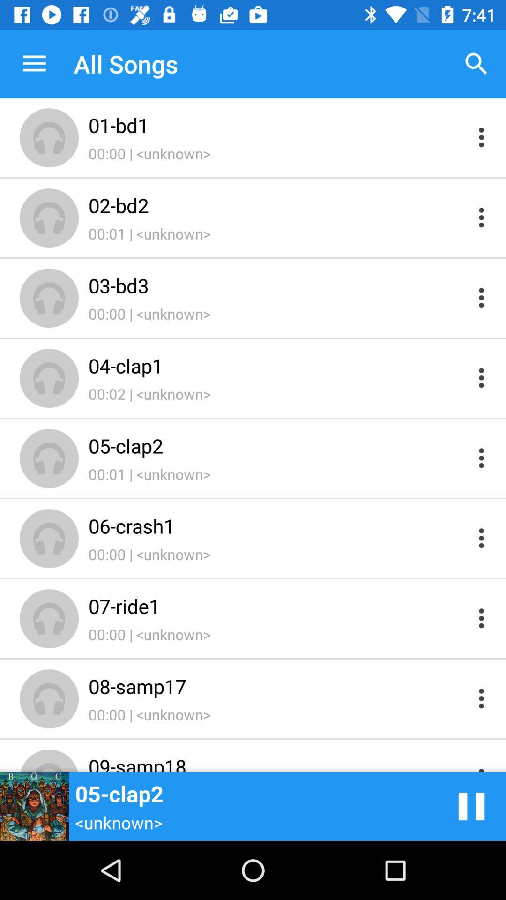 The width and height of the screenshot is (506, 900). I want to click on 09-samp18 icon, so click(277, 762).